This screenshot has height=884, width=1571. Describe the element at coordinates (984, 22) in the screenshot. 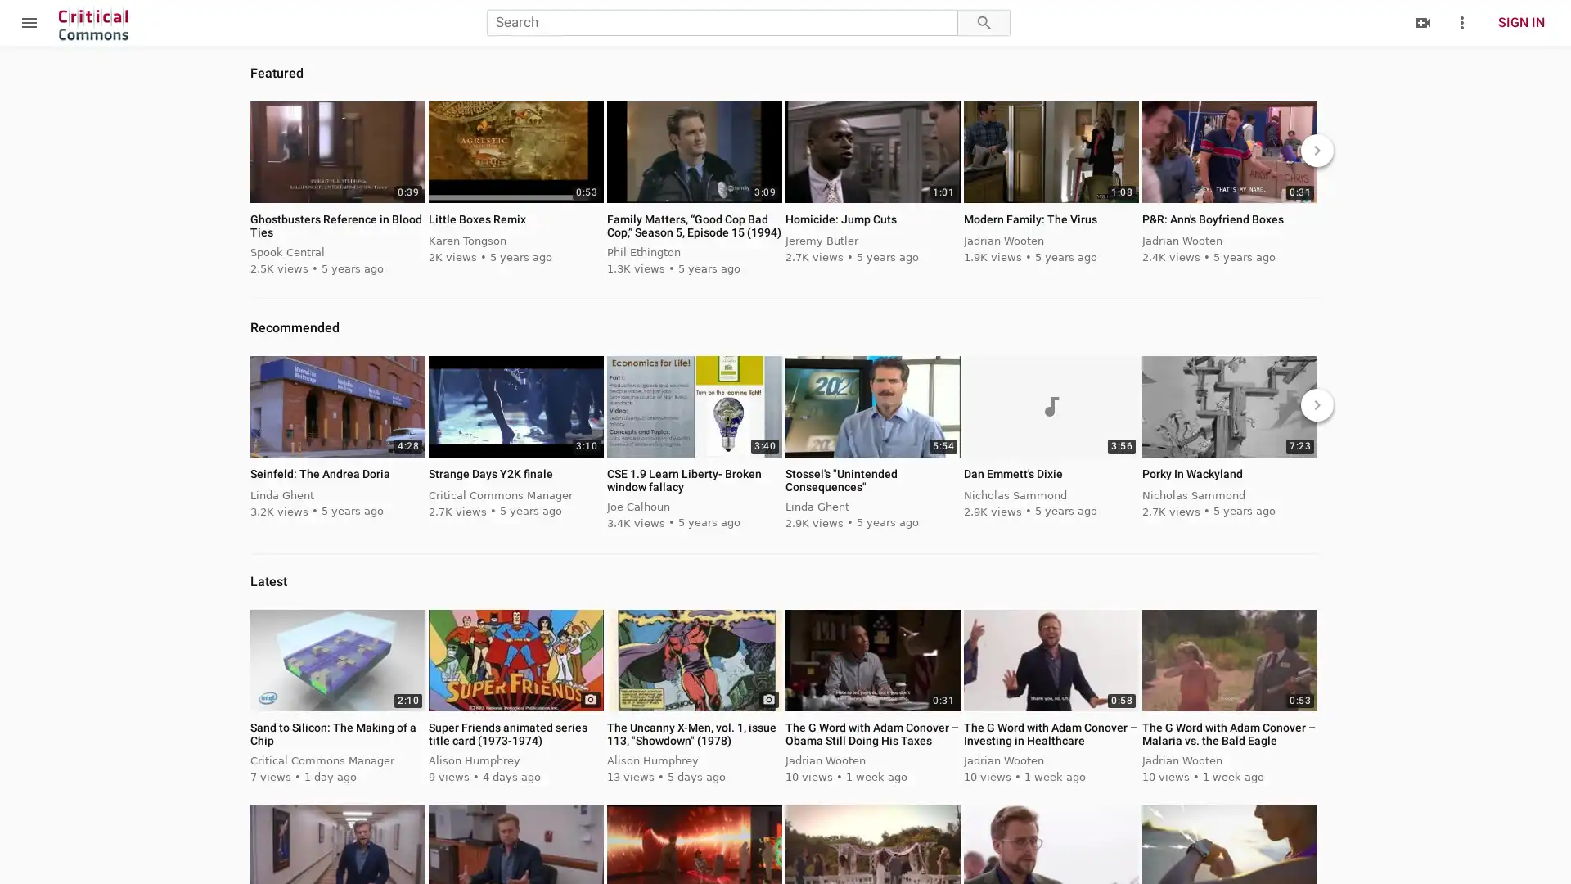

I see `search` at that location.